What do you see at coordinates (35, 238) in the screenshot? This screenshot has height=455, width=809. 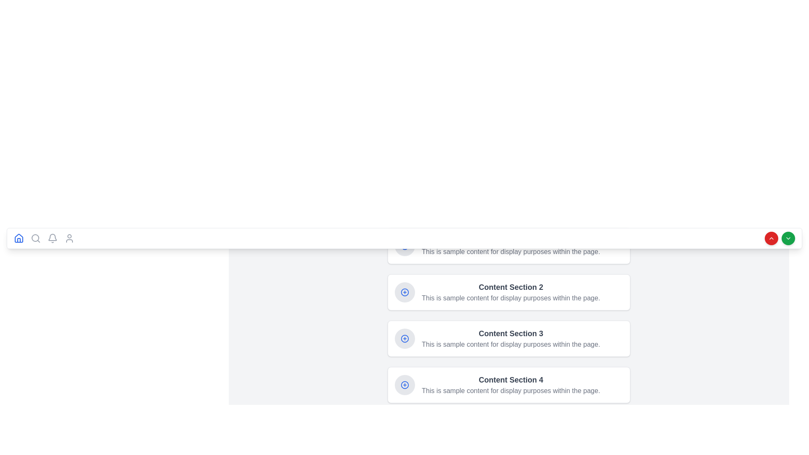 I see `the circular shape representing the lens of the magnifying glass in the search icon located in the navigation bar` at bounding box center [35, 238].